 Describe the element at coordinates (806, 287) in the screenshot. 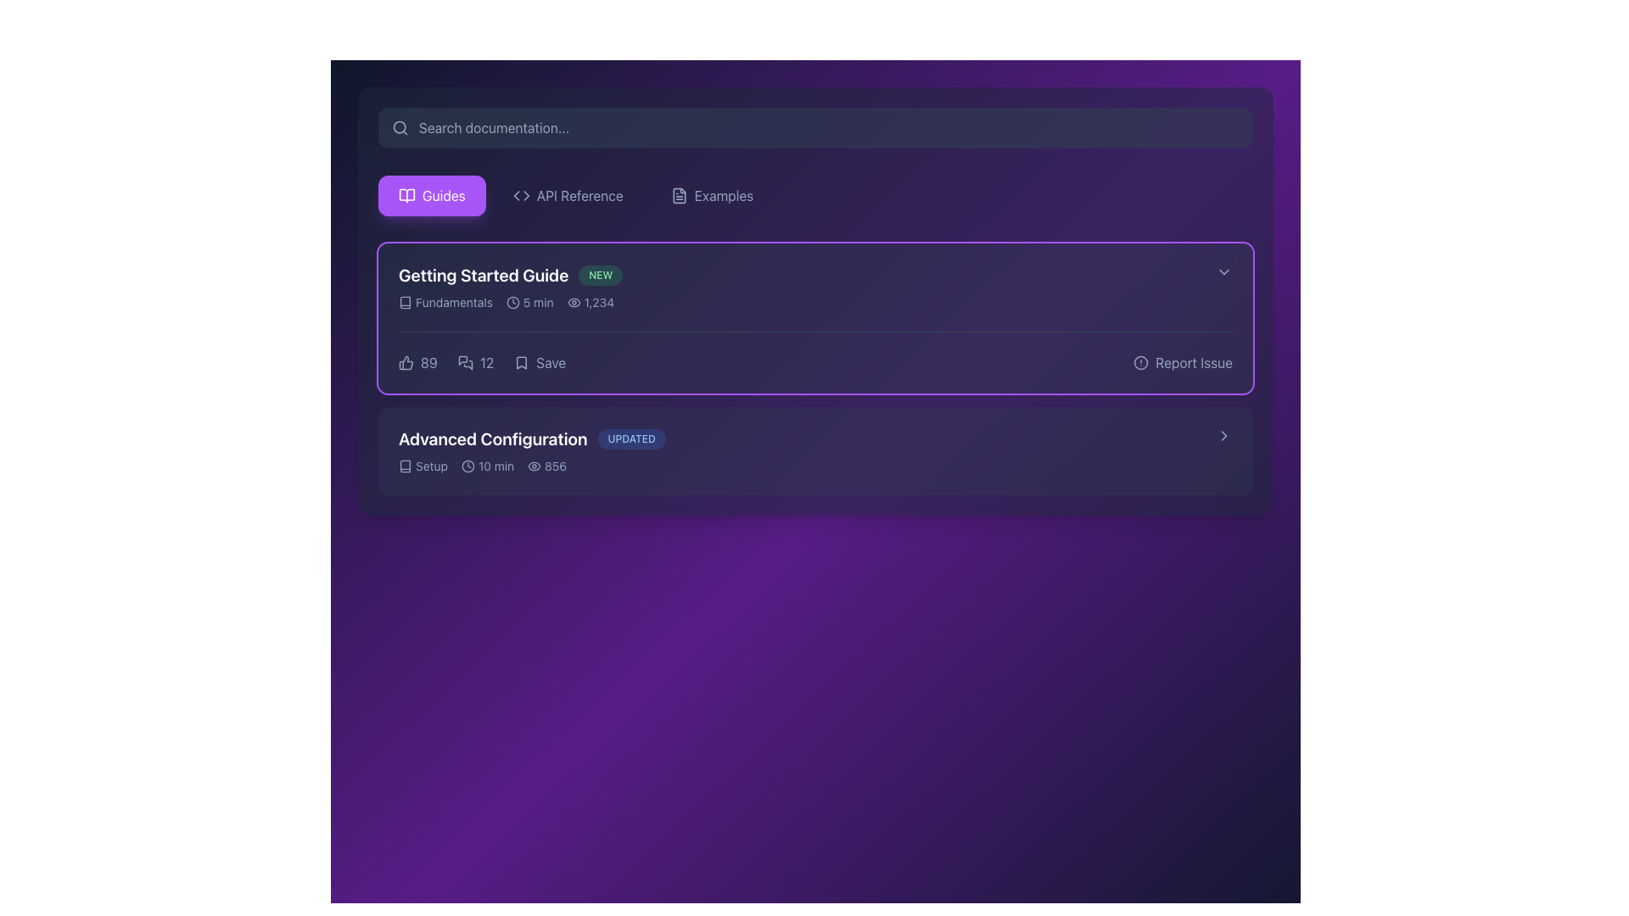

I see `the first entry in the documentation guide list representing the 'Getting Started Guide'` at that location.